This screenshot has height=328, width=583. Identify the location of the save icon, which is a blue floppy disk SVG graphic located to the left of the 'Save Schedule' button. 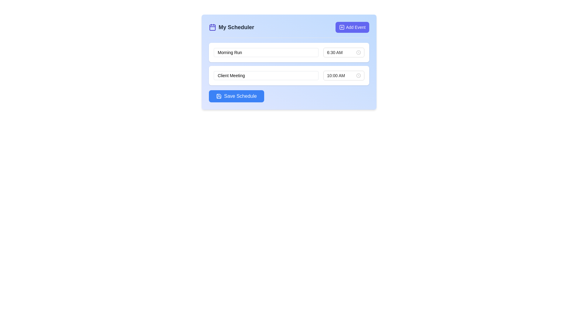
(219, 96).